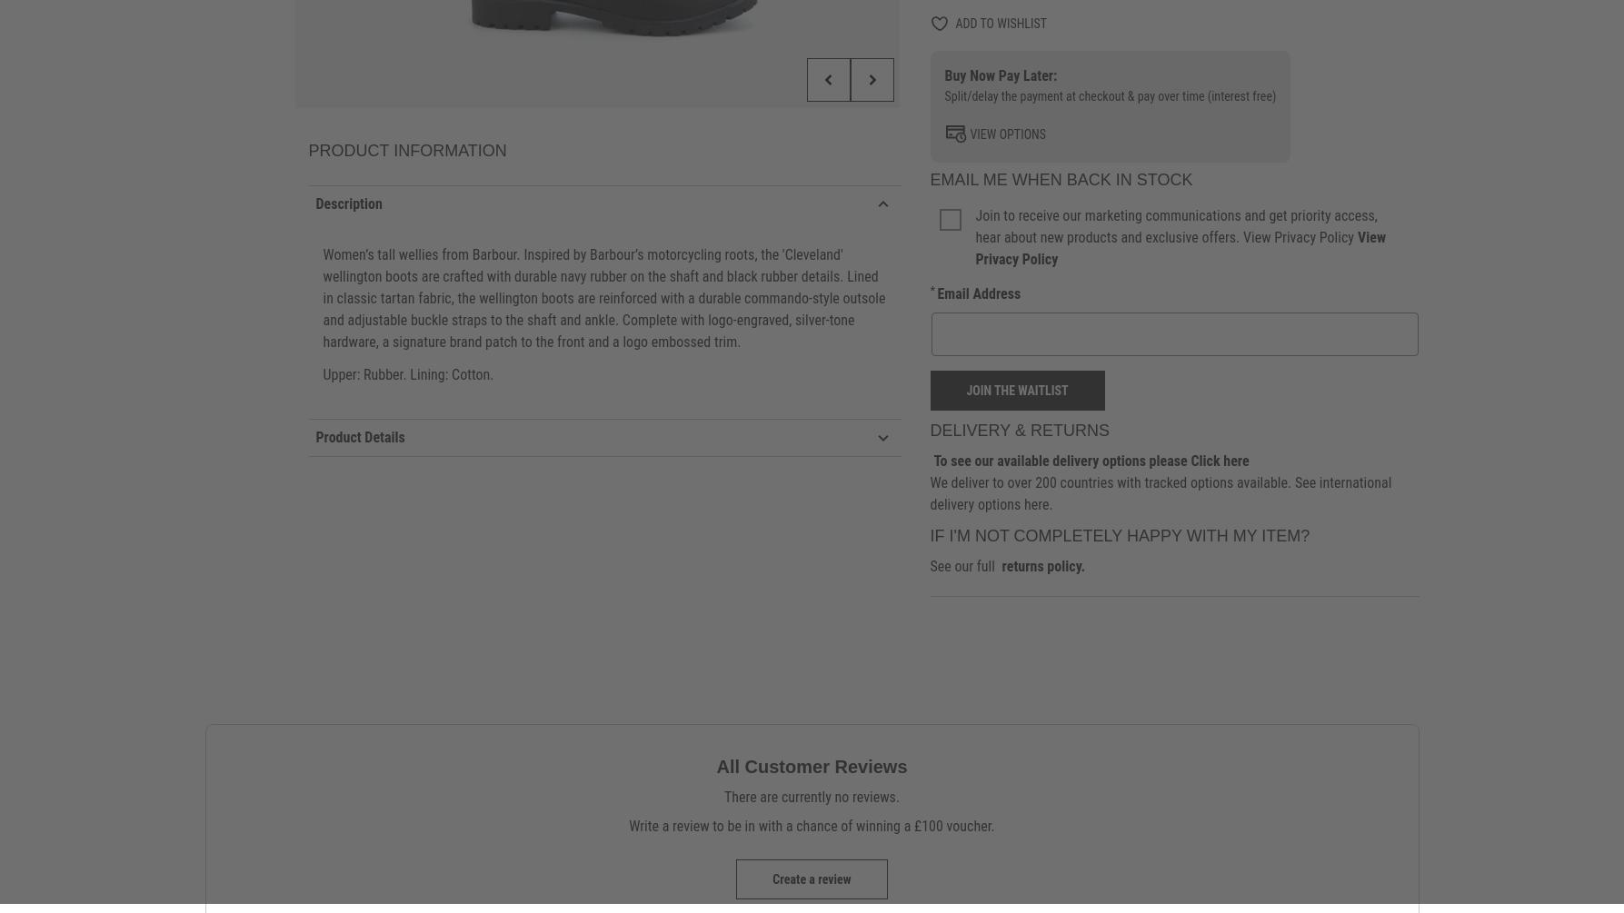  What do you see at coordinates (962, 565) in the screenshot?
I see `'See our full'` at bounding box center [962, 565].